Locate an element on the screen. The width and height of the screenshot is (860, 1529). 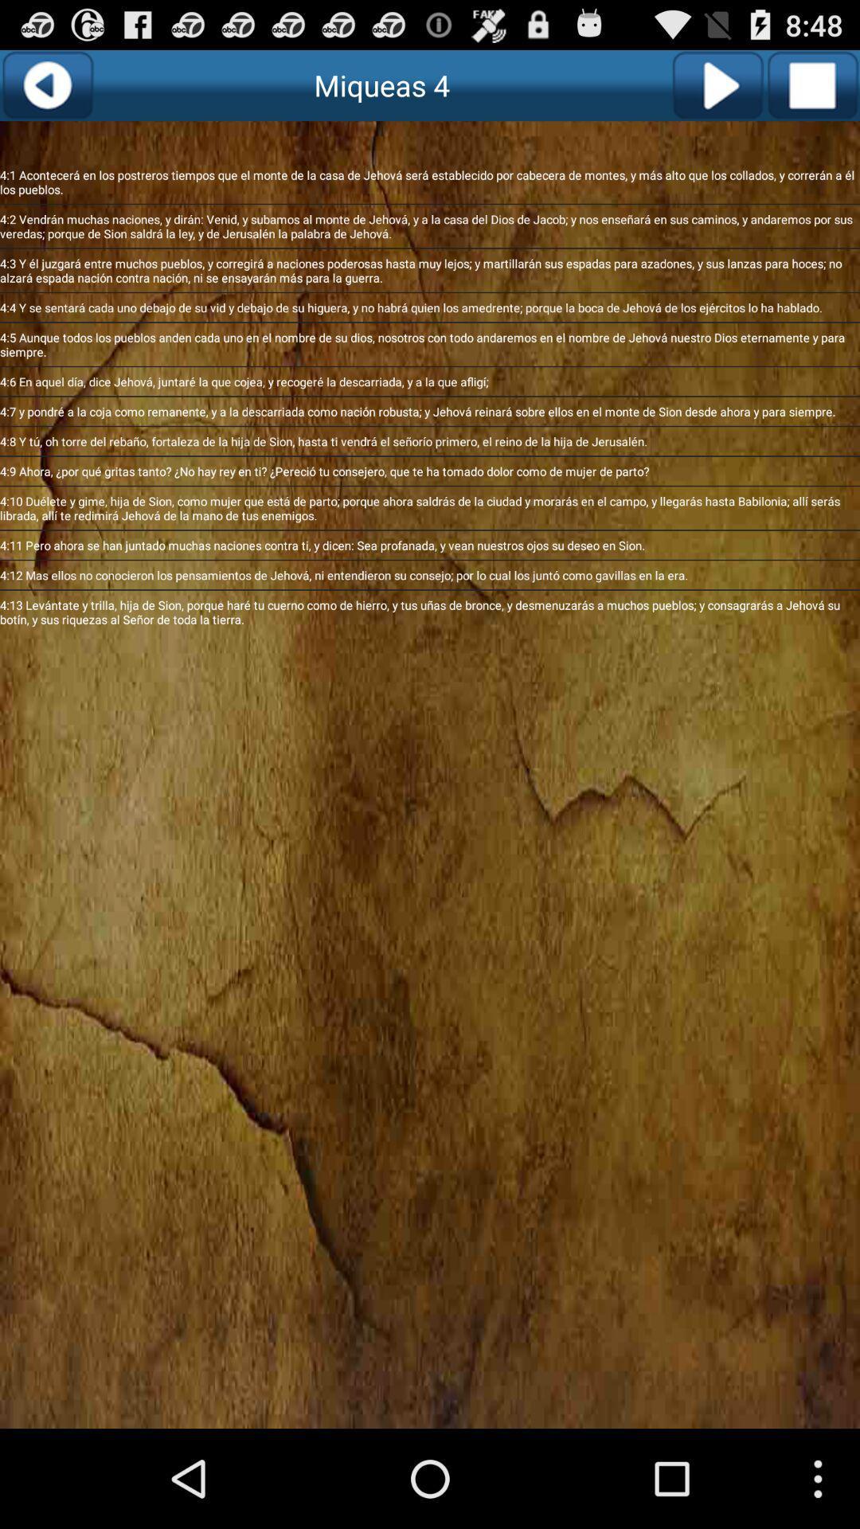
icon to the left of miqueas 4 app is located at coordinates (46, 84).